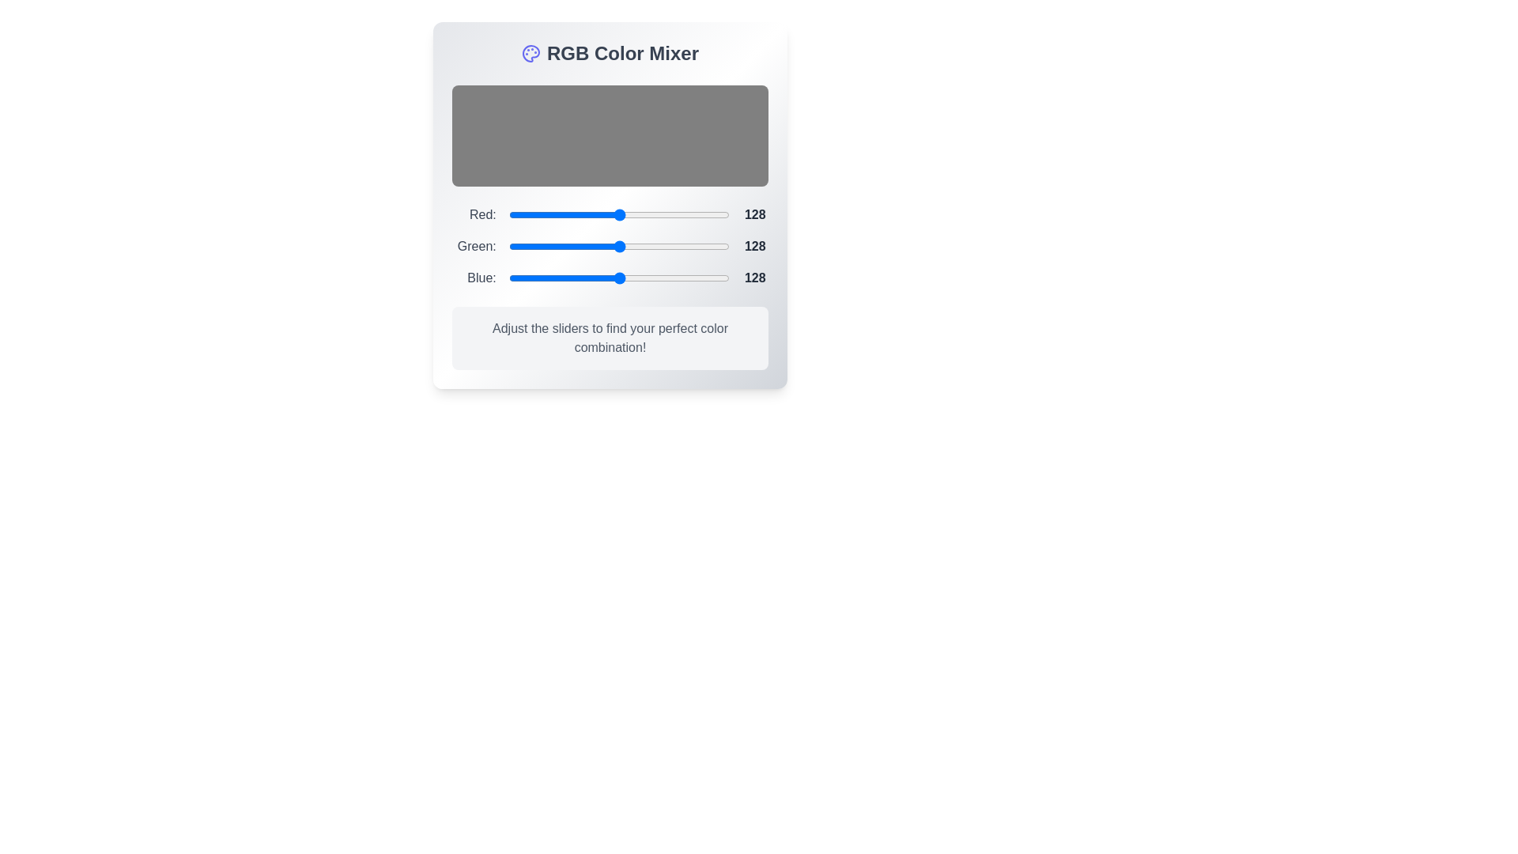  I want to click on the 1 slider to 145, so click(634, 247).